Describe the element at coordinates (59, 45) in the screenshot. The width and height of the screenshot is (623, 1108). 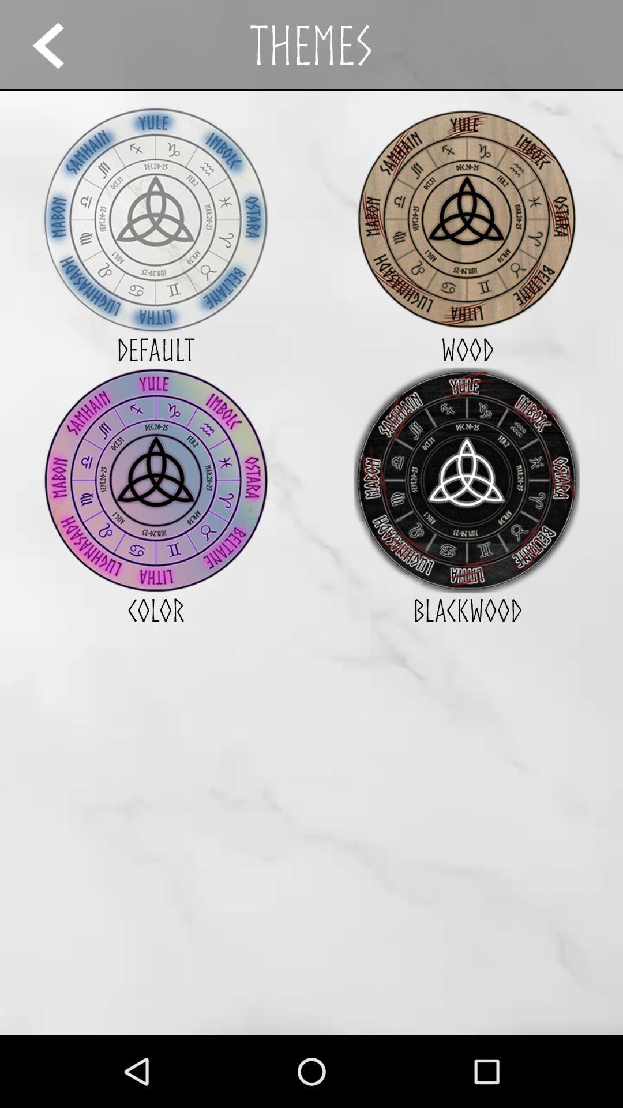
I see `the app to the left of themes app` at that location.